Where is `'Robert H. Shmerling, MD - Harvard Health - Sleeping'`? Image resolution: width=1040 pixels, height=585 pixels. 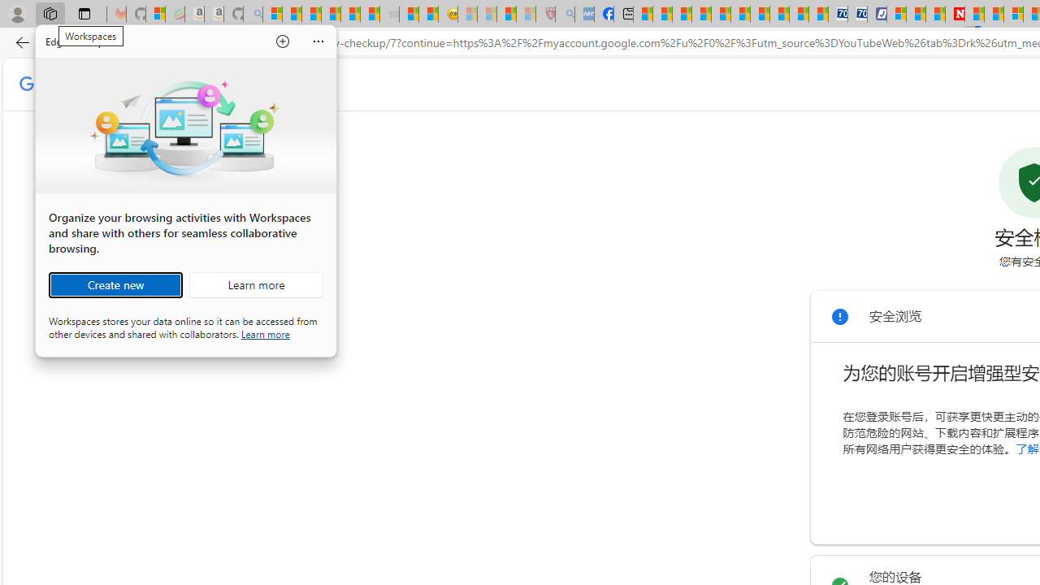 'Robert H. Shmerling, MD - Harvard Health - Sleeping' is located at coordinates (546, 14).